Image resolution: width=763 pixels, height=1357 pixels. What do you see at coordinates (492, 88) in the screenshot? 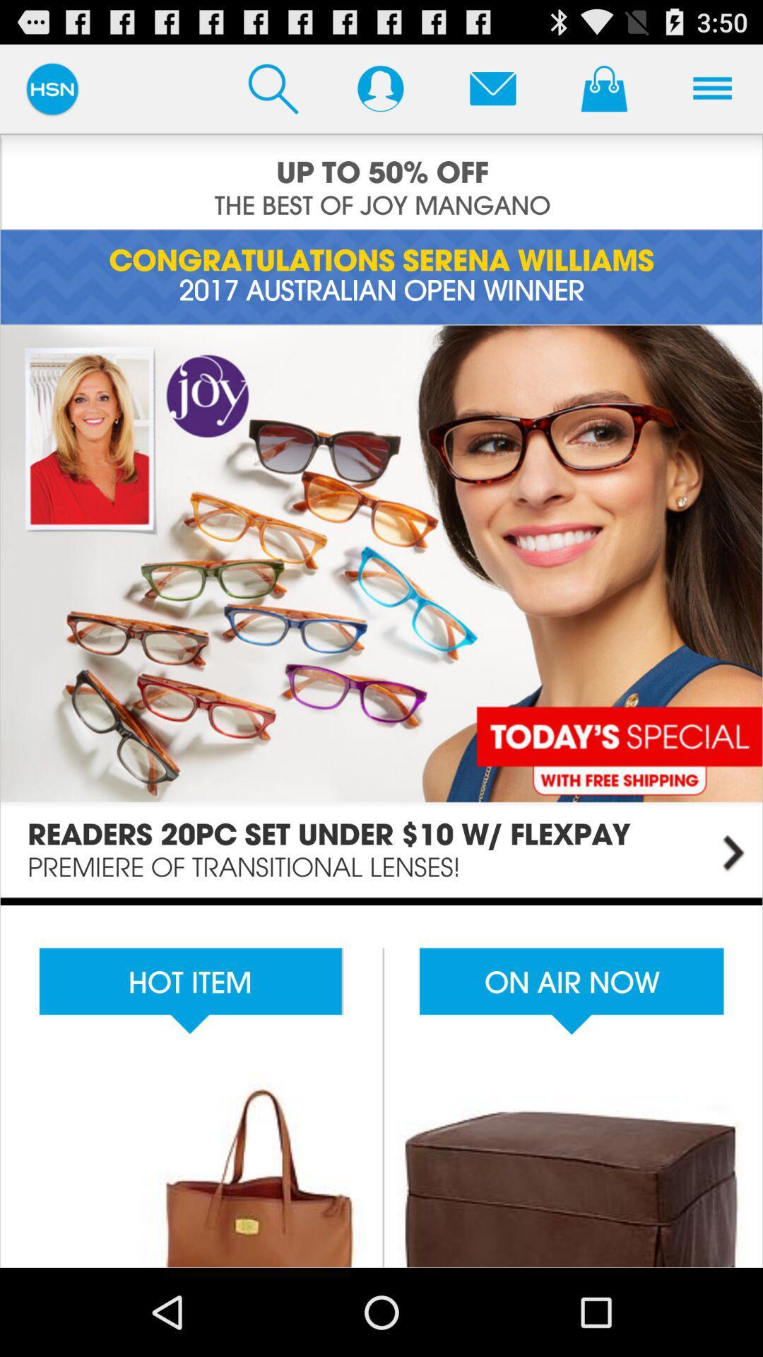
I see `send an email` at bounding box center [492, 88].